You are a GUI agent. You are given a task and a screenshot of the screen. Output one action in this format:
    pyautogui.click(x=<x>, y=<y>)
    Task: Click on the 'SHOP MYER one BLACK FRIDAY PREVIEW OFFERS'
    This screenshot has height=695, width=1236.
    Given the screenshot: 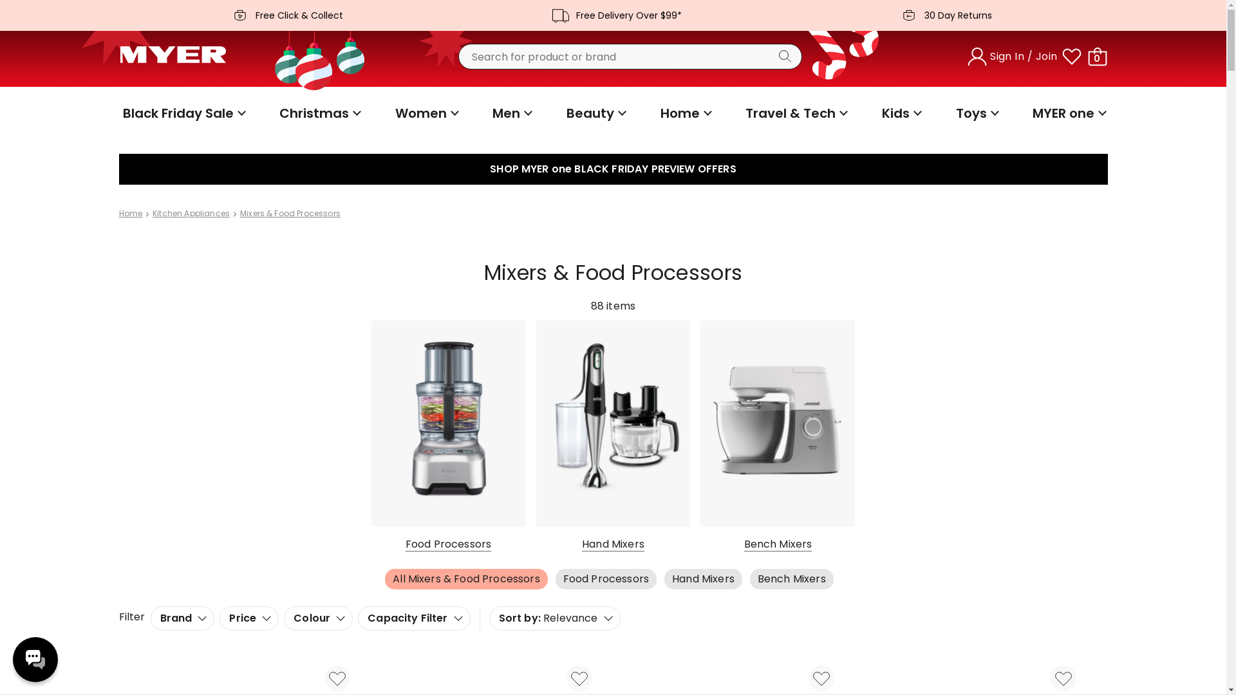 What is the action you would take?
    pyautogui.click(x=612, y=168)
    